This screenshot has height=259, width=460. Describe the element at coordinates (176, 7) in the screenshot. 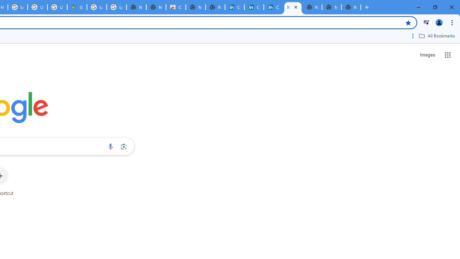

I see `'Chrome Web Store'` at that location.